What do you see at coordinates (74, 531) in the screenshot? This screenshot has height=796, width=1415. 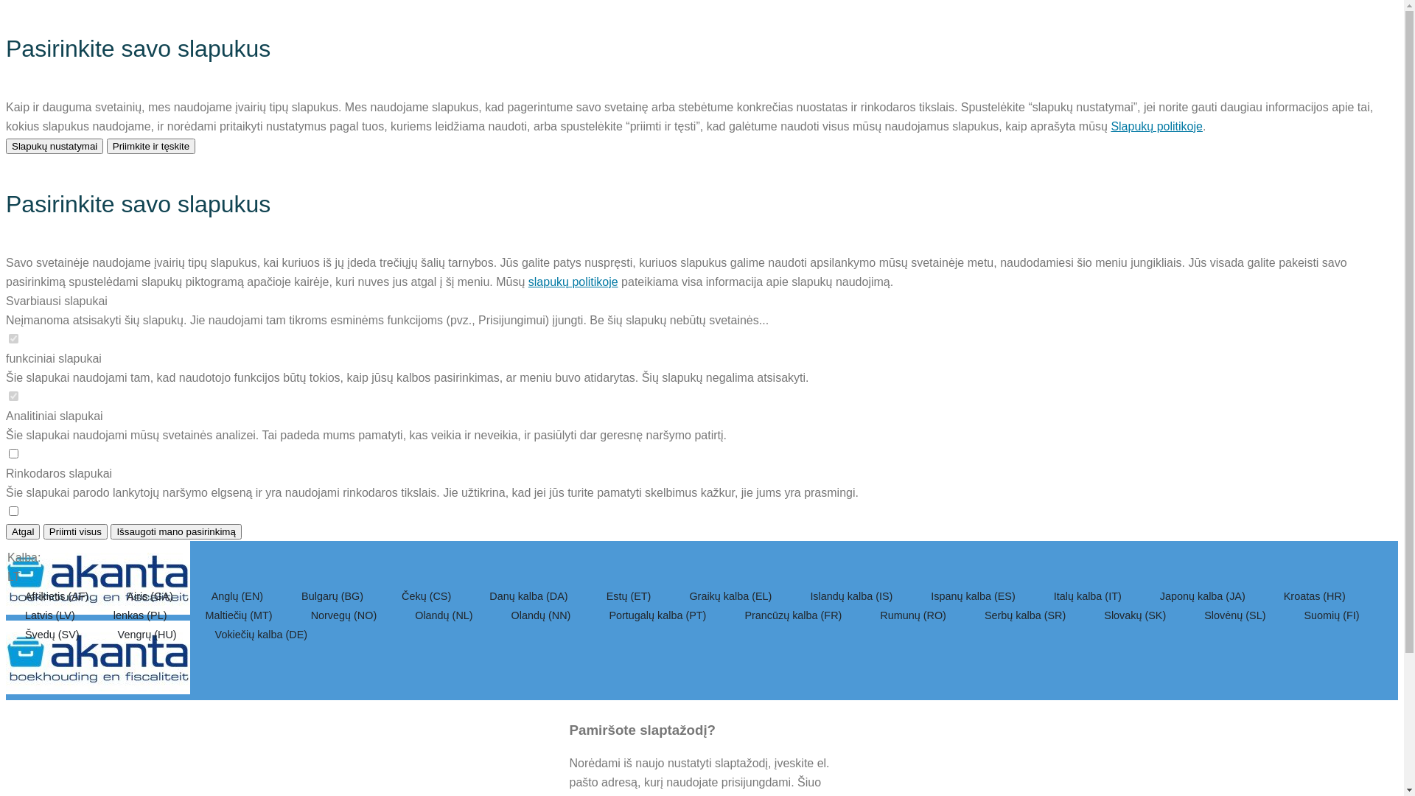 I see `'Priimti visus'` at bounding box center [74, 531].